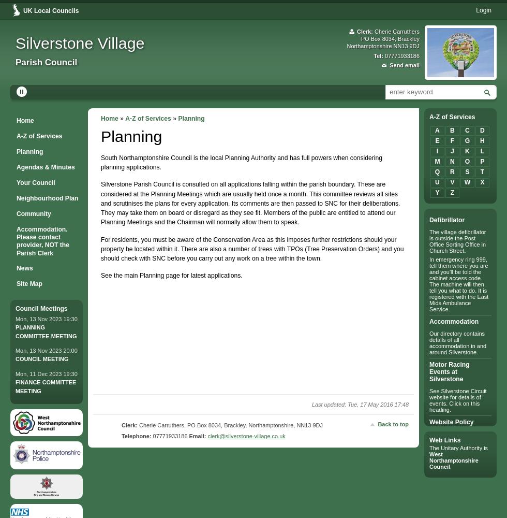  Describe the element at coordinates (230, 425) in the screenshot. I see `'Cherie Carruthers, PO Box 8034, Brackley, Northamptonshire, NN13 9DJ'` at that location.